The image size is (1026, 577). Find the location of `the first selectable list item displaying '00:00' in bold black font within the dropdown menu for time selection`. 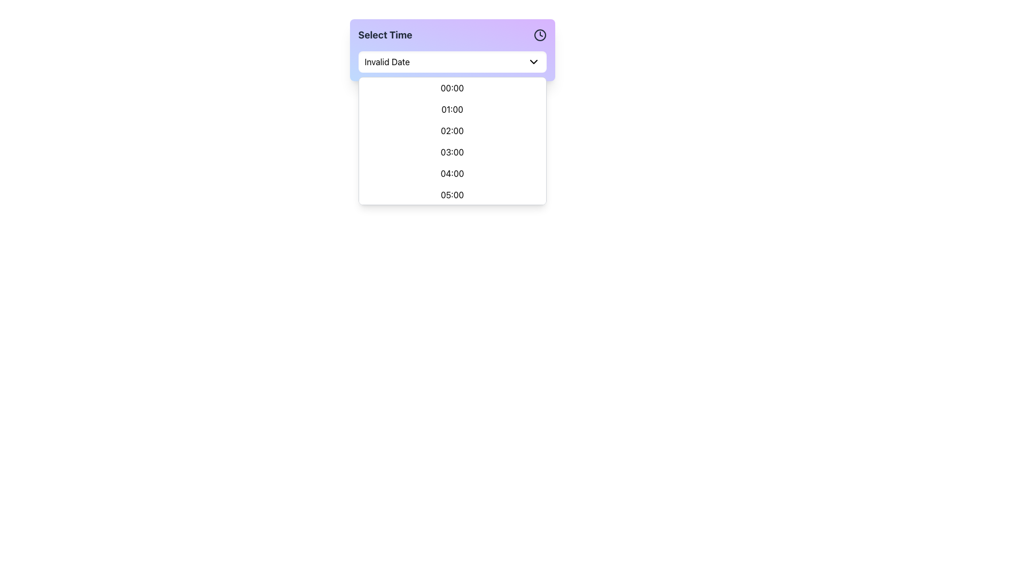

the first selectable list item displaying '00:00' in bold black font within the dropdown menu for time selection is located at coordinates (452, 88).